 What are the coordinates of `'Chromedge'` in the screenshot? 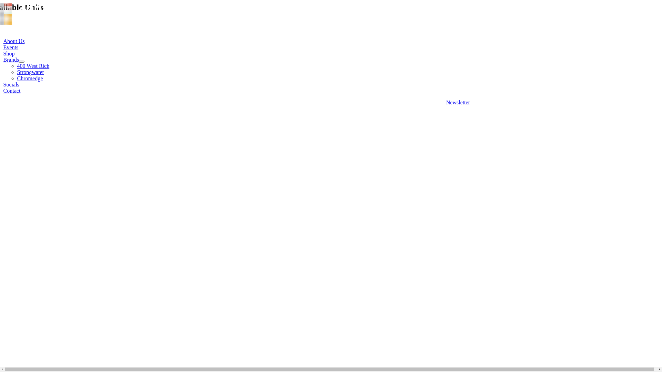 It's located at (17, 78).